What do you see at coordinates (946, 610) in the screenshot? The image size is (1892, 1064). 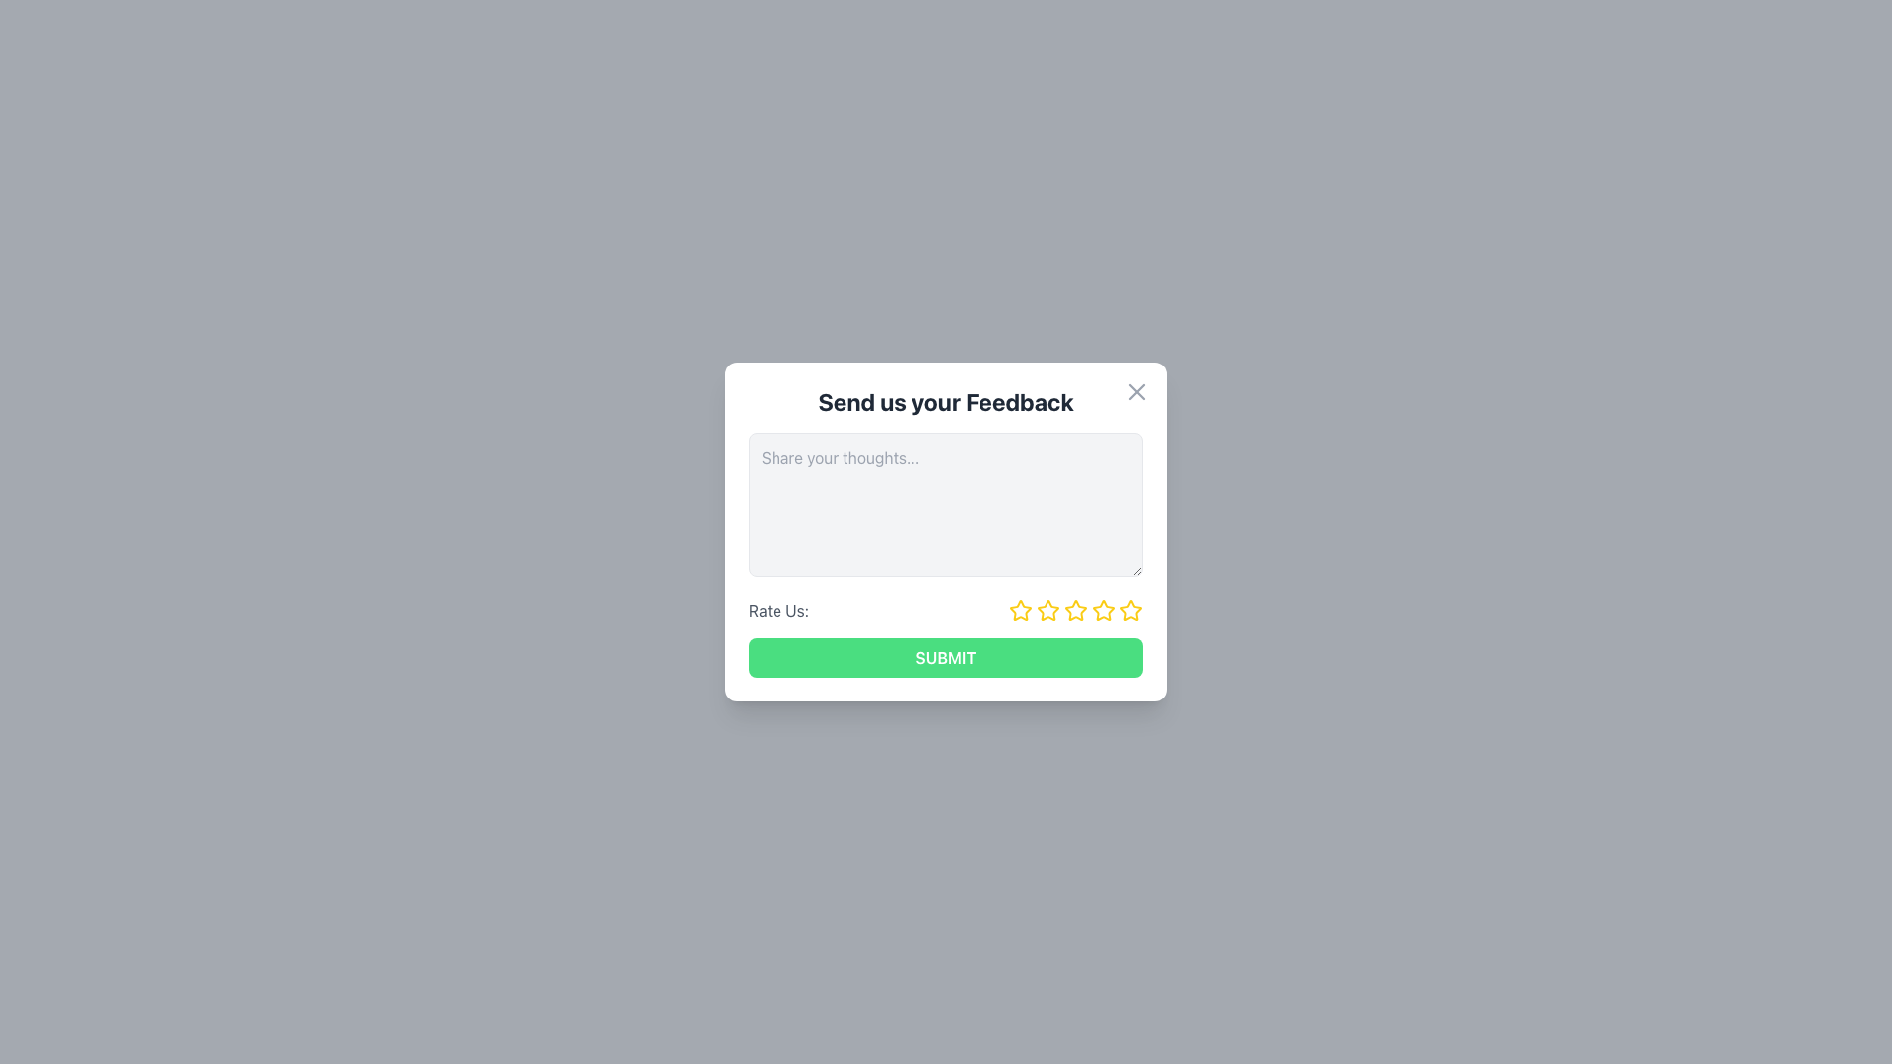 I see `one of the star icons in the Rating component located near the center of the modal window` at bounding box center [946, 610].